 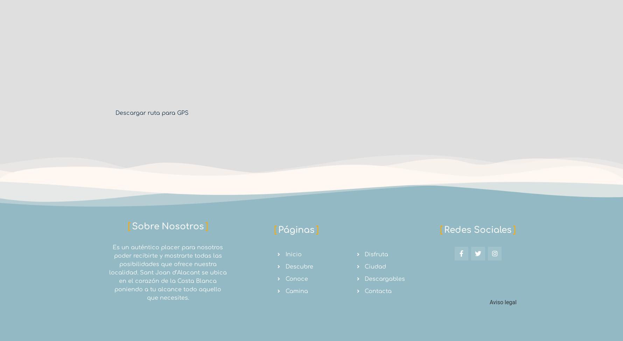 I want to click on 'Es un auténtico placer para nosotros poder recibirte y mostrarte todas las posibilidades que ofrece nuestra localidad. Sant Joan d’Alacant se ubica en el corazón de la Costa Blanca poniendo a tu alcance todo aquello que necesites.', so click(x=167, y=272).